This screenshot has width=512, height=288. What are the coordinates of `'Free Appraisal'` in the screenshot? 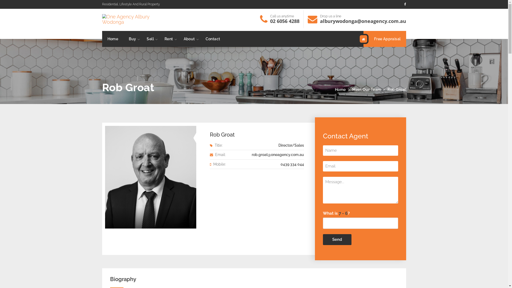 It's located at (363, 39).